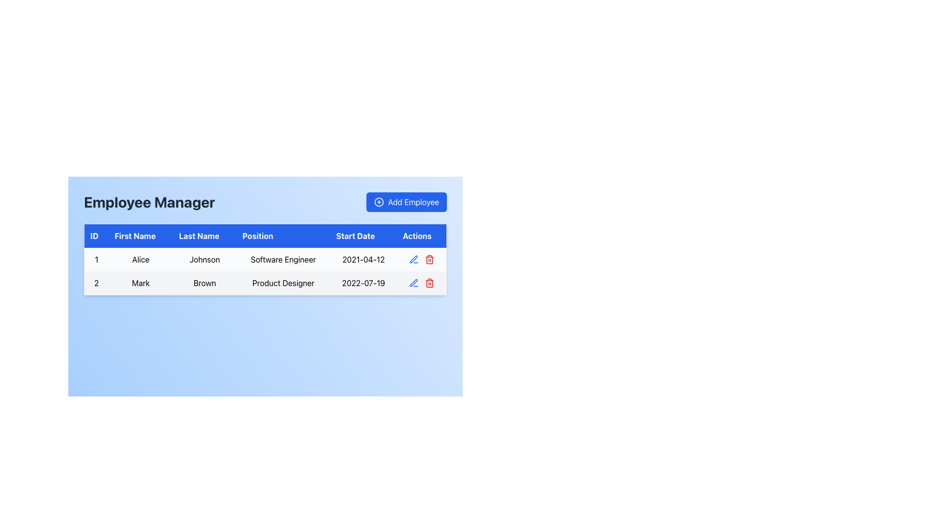  I want to click on the blue circular icon at the center of the 'Add Employee' button located at the top-right corner above the table component, so click(379, 202).